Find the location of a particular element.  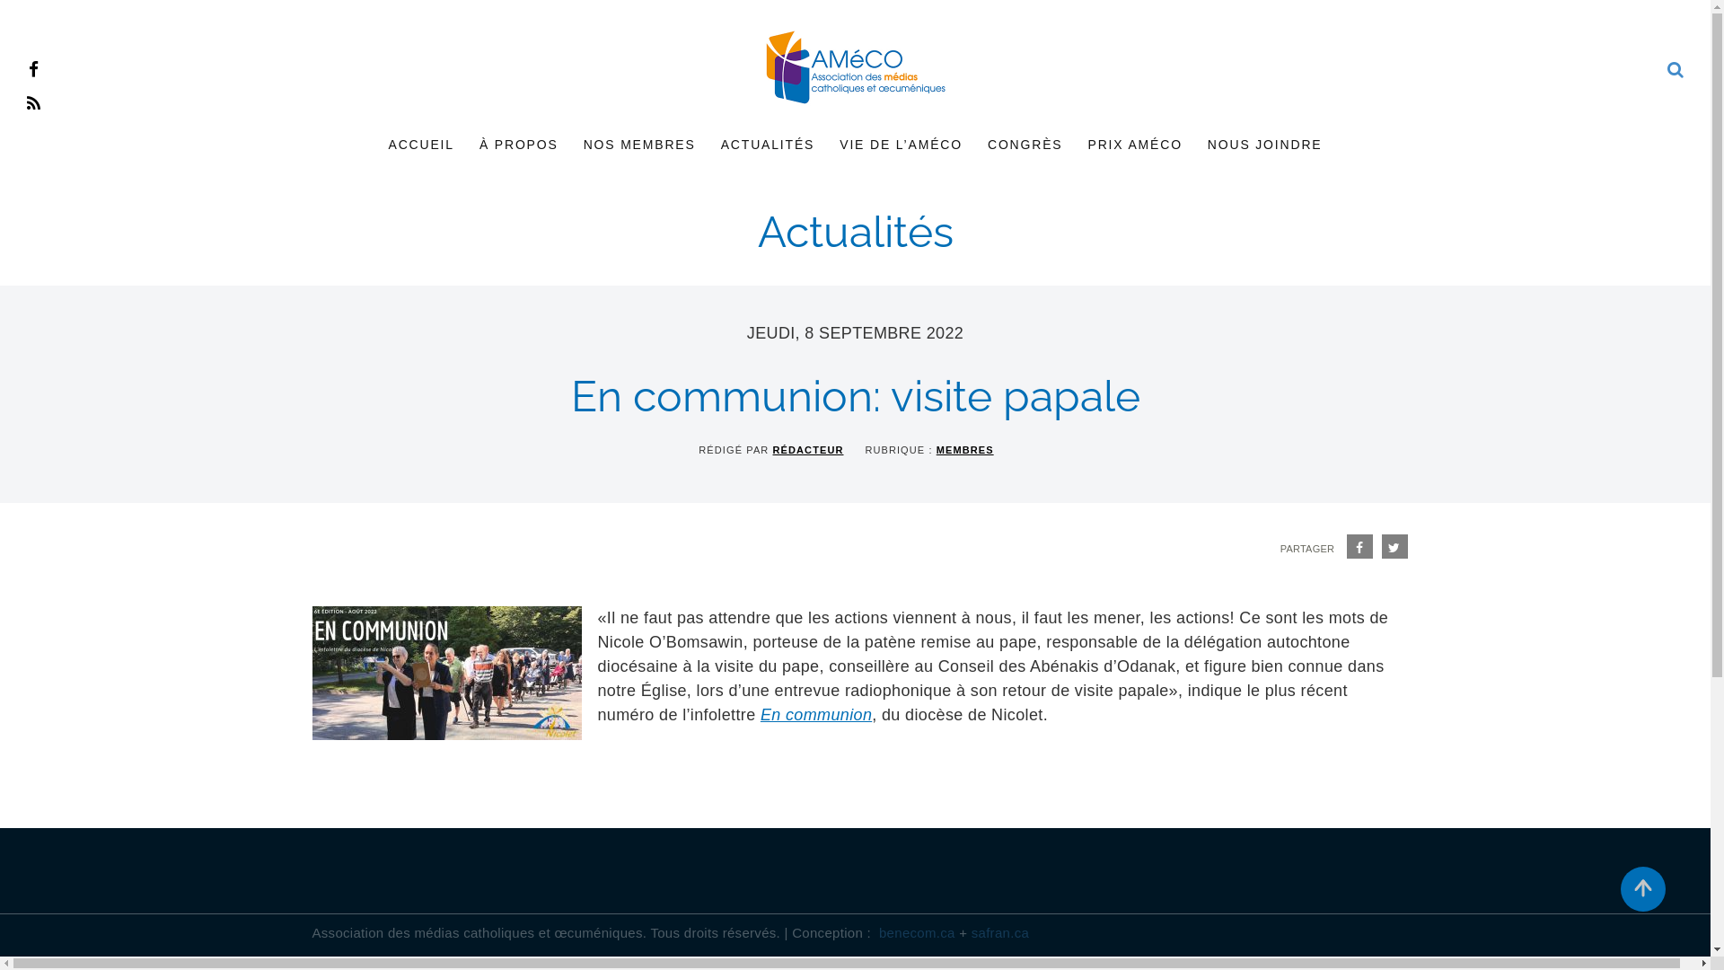

'En communion' is located at coordinates (760, 713).